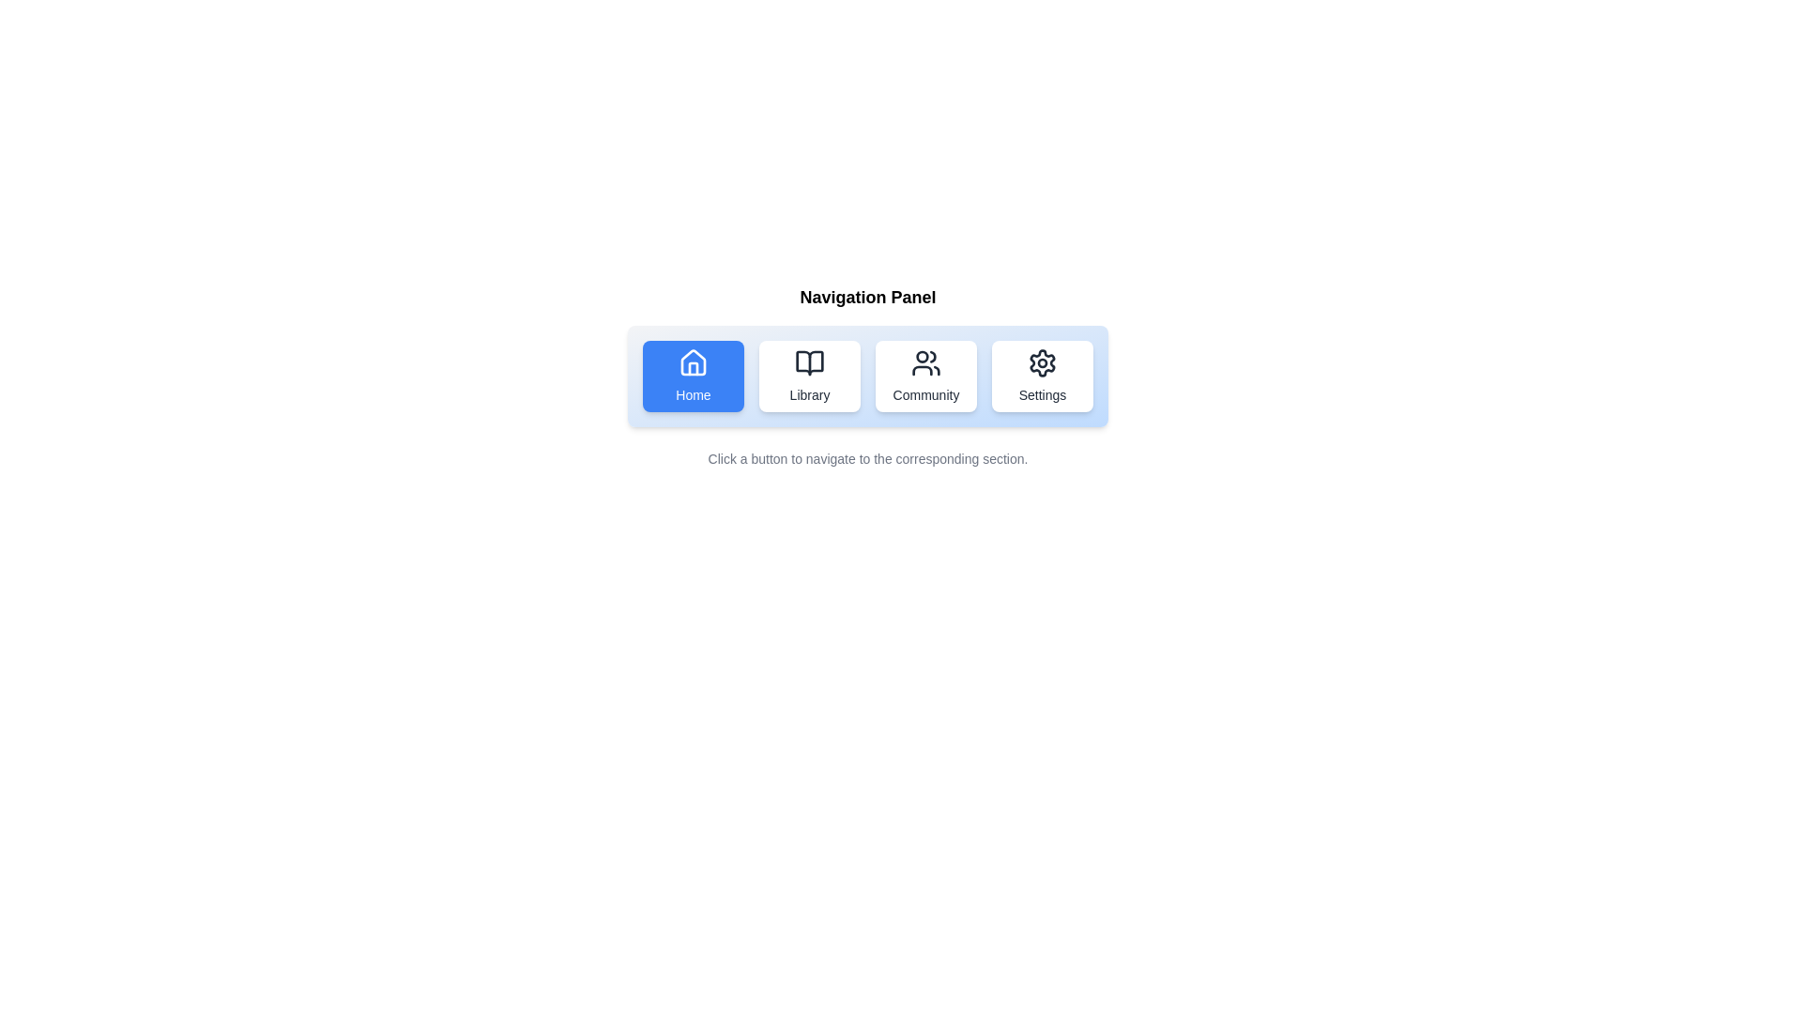 This screenshot has width=1802, height=1014. What do you see at coordinates (923, 370) in the screenshot?
I see `the 'Community' section button which contains the SVG icon representing a group of users, specifically targeting the lower body or base of the group members` at bounding box center [923, 370].